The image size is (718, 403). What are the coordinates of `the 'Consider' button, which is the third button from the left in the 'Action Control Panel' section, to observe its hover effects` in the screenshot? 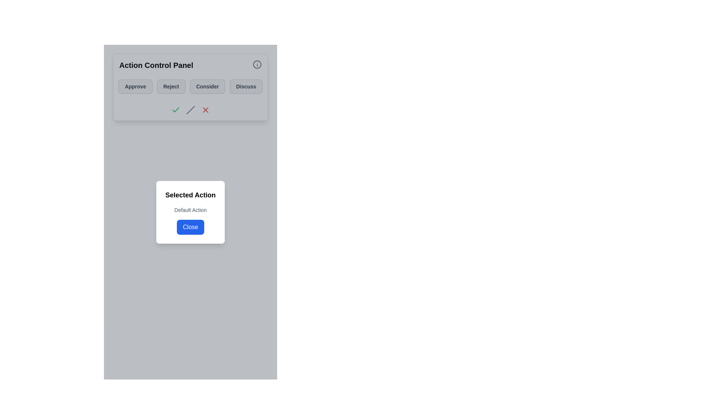 It's located at (208, 86).